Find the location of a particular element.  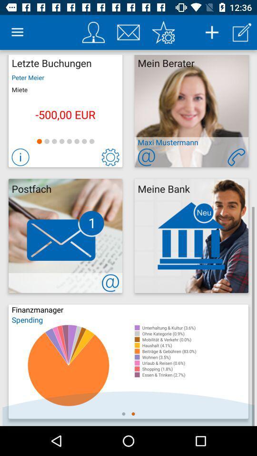

favorites is located at coordinates (163, 32).